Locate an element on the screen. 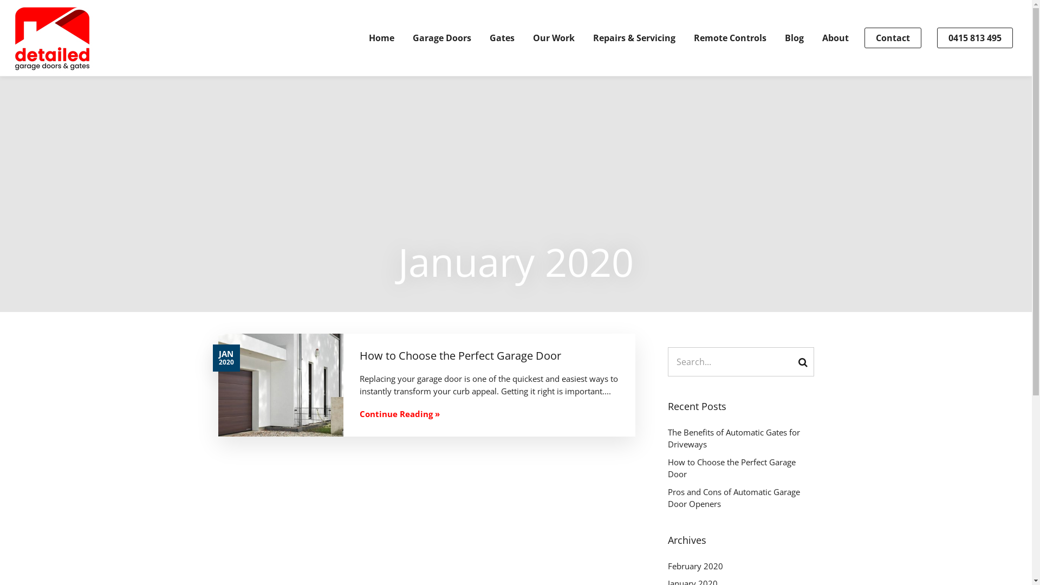  'Blog' is located at coordinates (794, 37).